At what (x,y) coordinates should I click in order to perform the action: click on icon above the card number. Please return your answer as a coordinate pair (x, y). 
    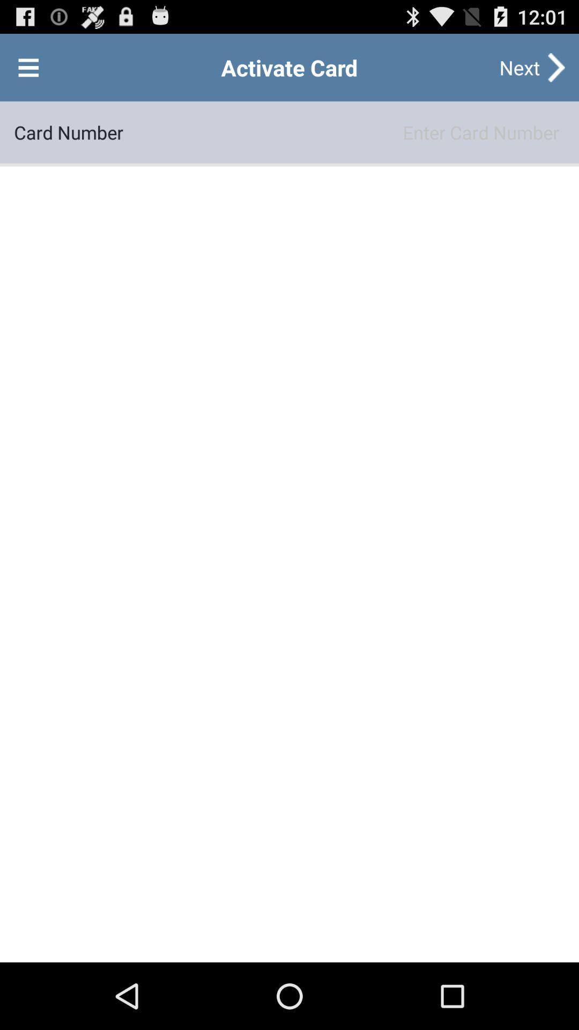
    Looking at the image, I should click on (28, 67).